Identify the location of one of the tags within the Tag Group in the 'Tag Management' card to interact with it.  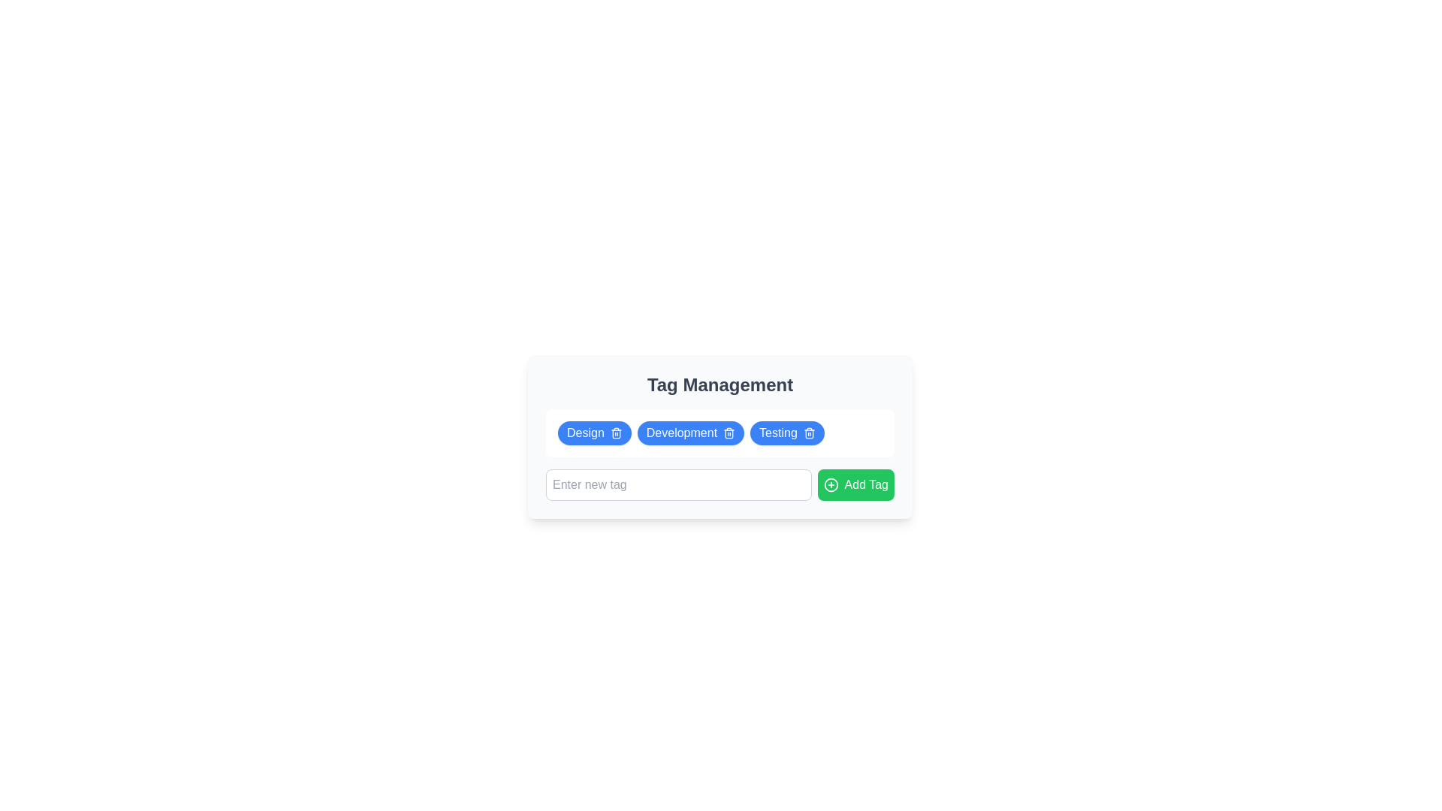
(719, 433).